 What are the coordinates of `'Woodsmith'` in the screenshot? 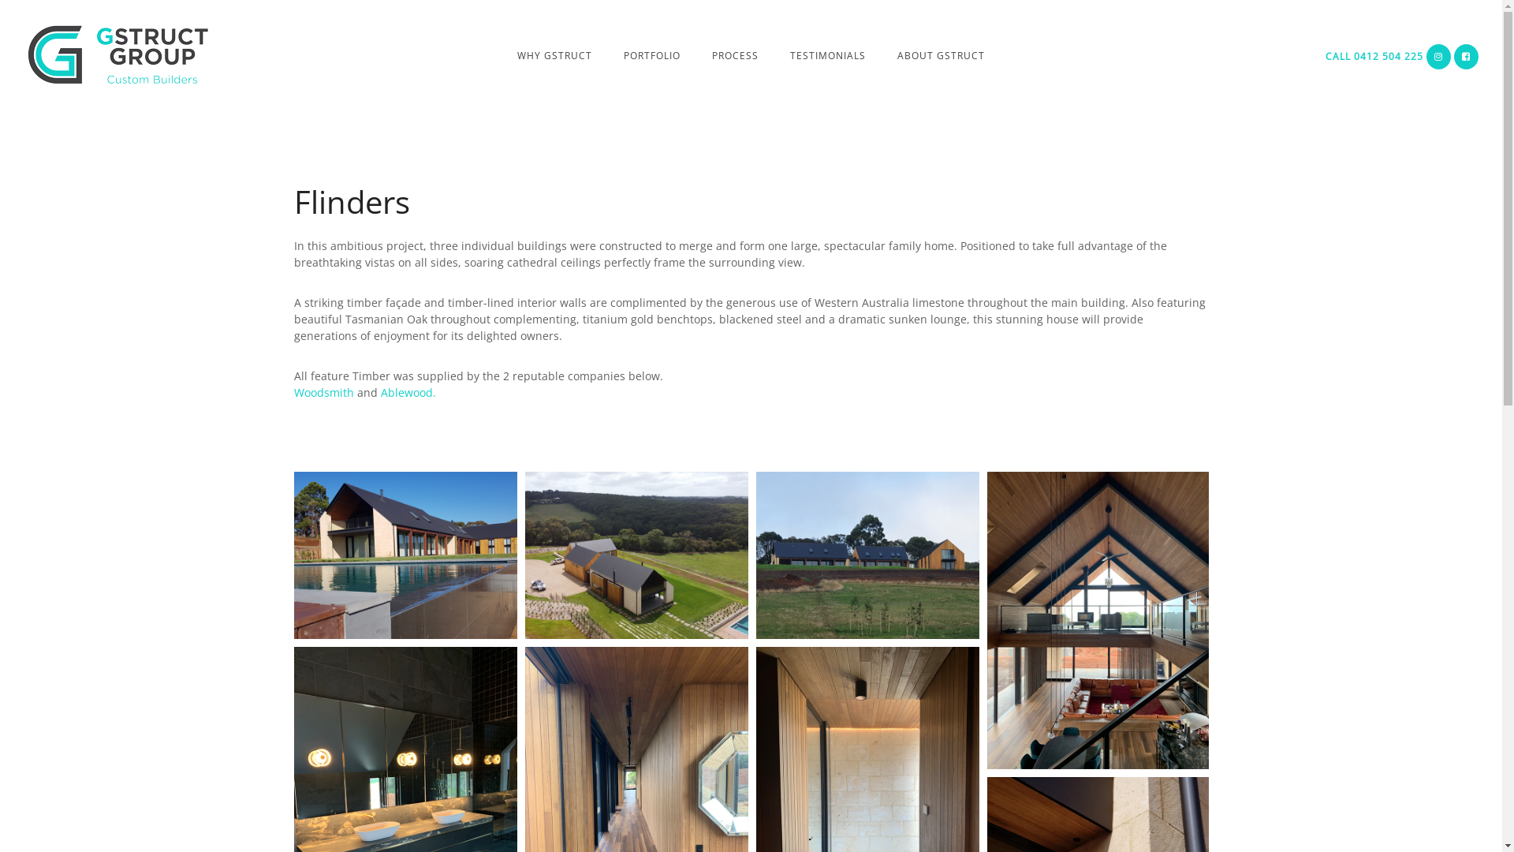 It's located at (324, 391).